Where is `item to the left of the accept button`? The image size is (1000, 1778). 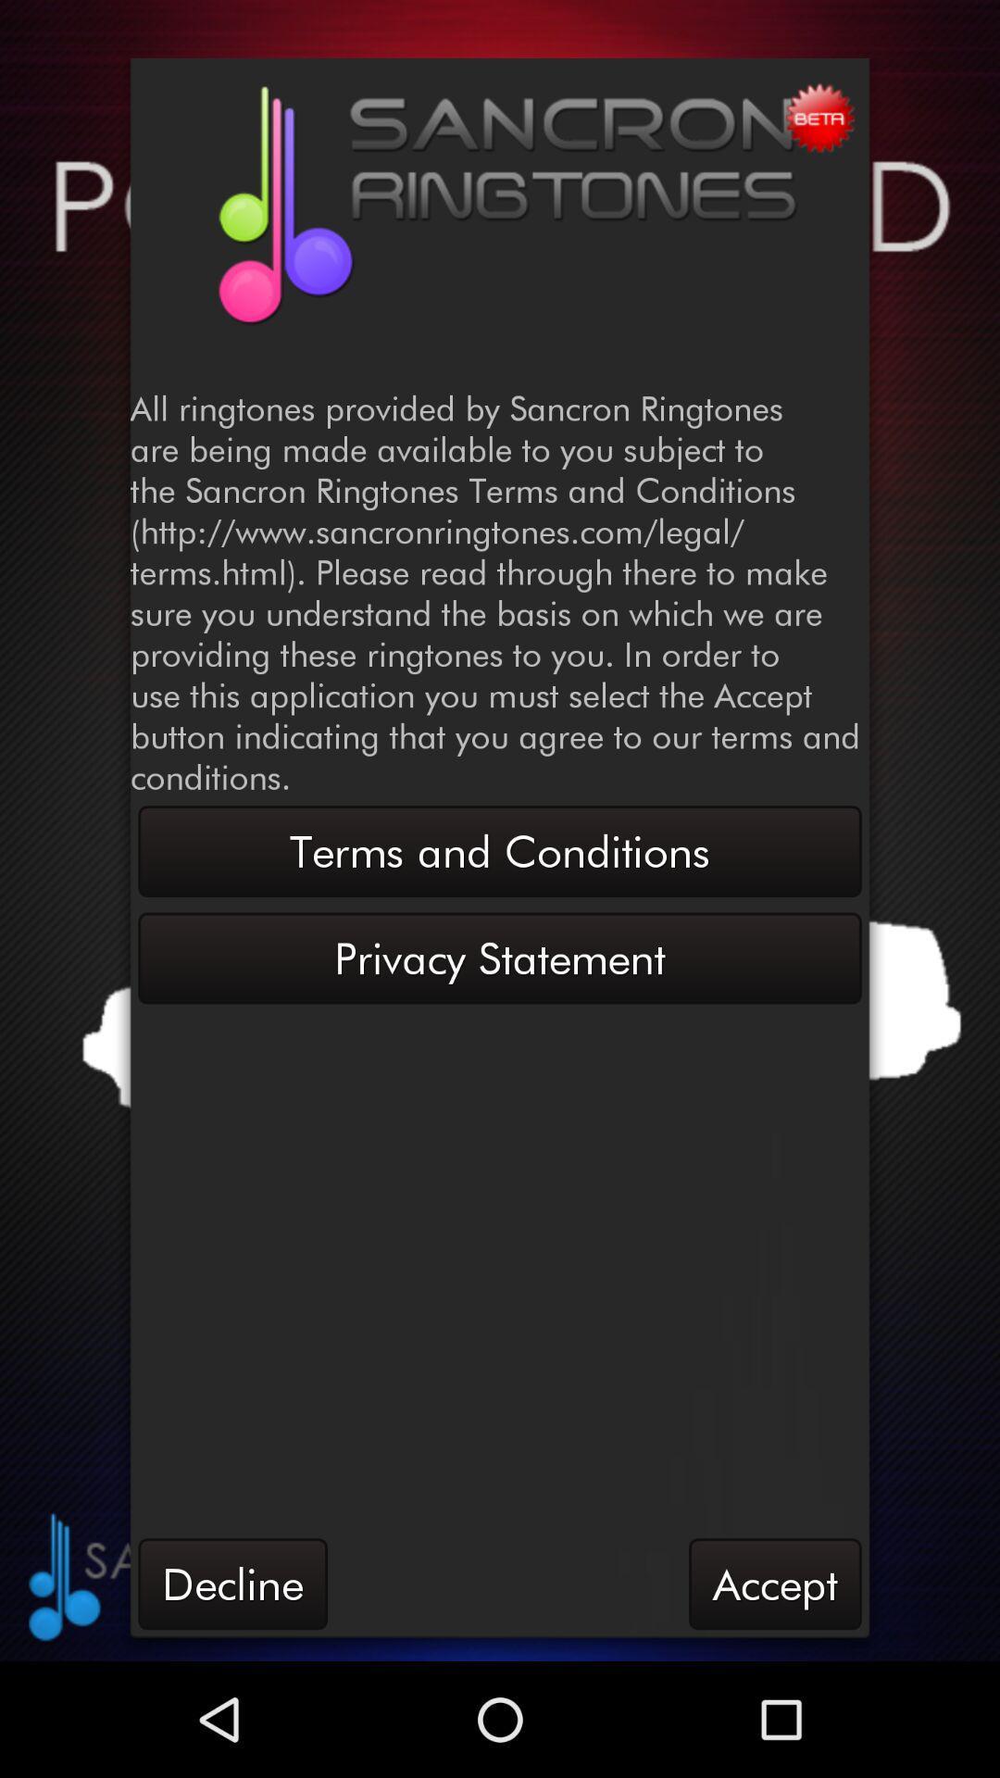
item to the left of the accept button is located at coordinates (231, 1583).